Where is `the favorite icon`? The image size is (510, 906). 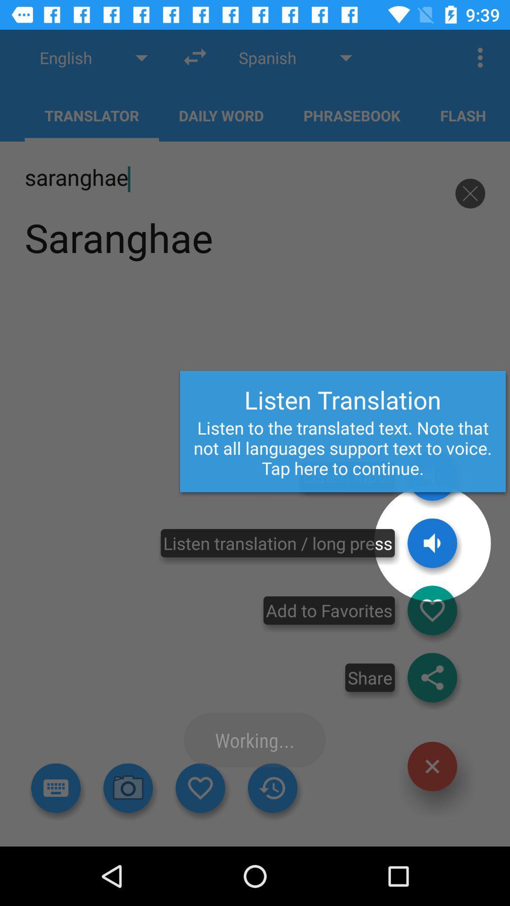
the favorite icon is located at coordinates (200, 788).